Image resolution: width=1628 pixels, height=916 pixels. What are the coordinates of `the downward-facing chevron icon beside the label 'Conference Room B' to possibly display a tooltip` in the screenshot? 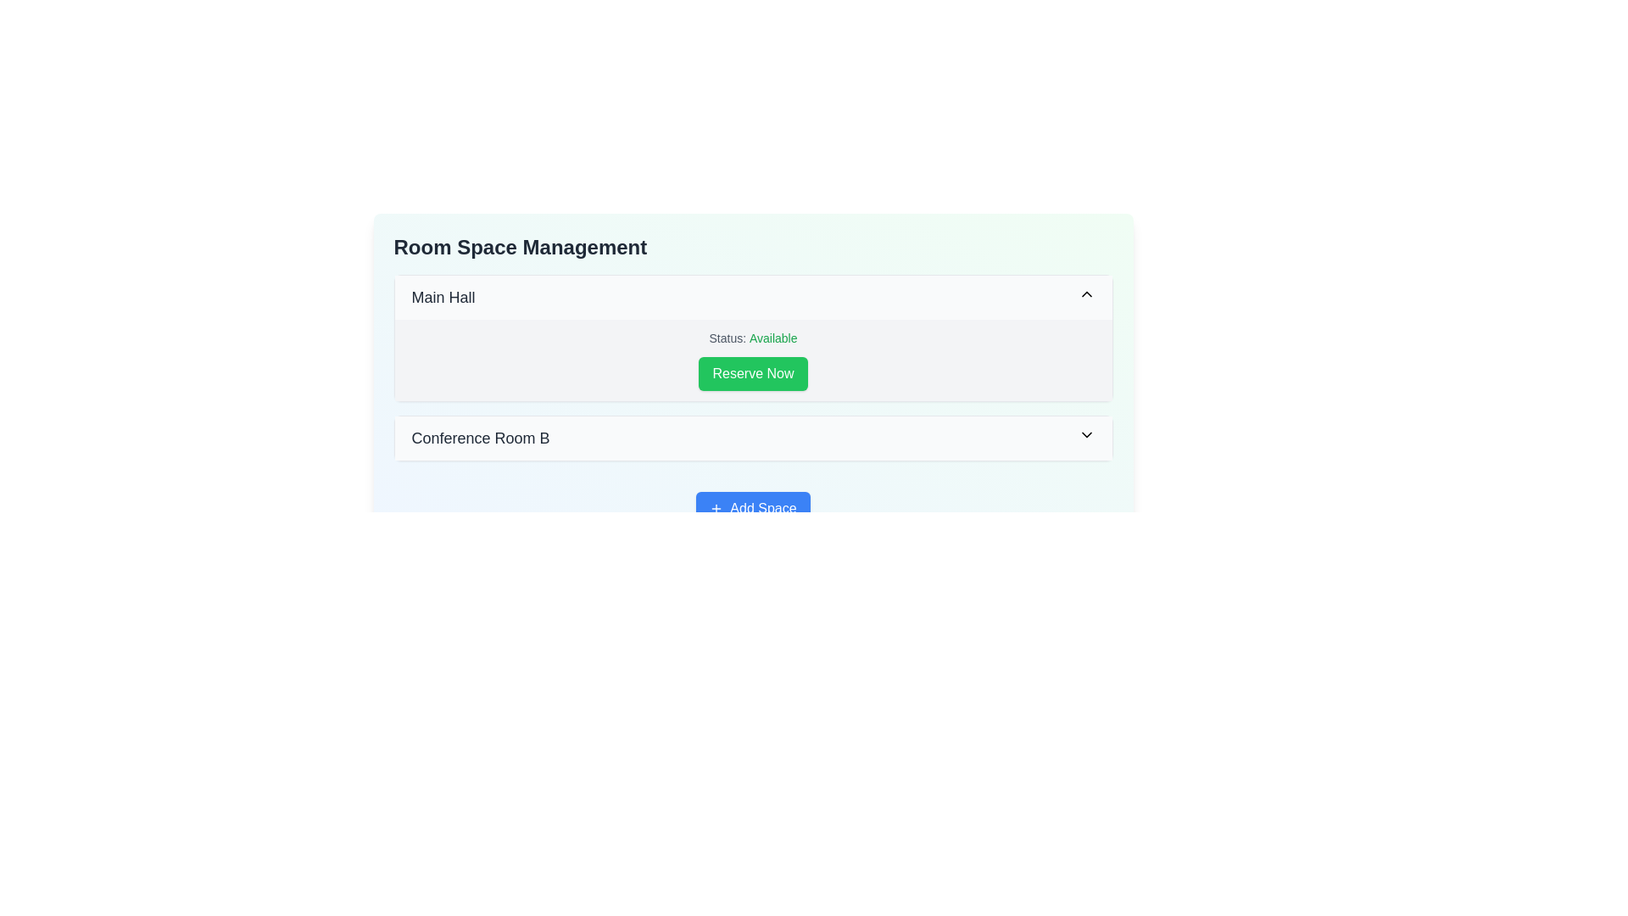 It's located at (1086, 434).